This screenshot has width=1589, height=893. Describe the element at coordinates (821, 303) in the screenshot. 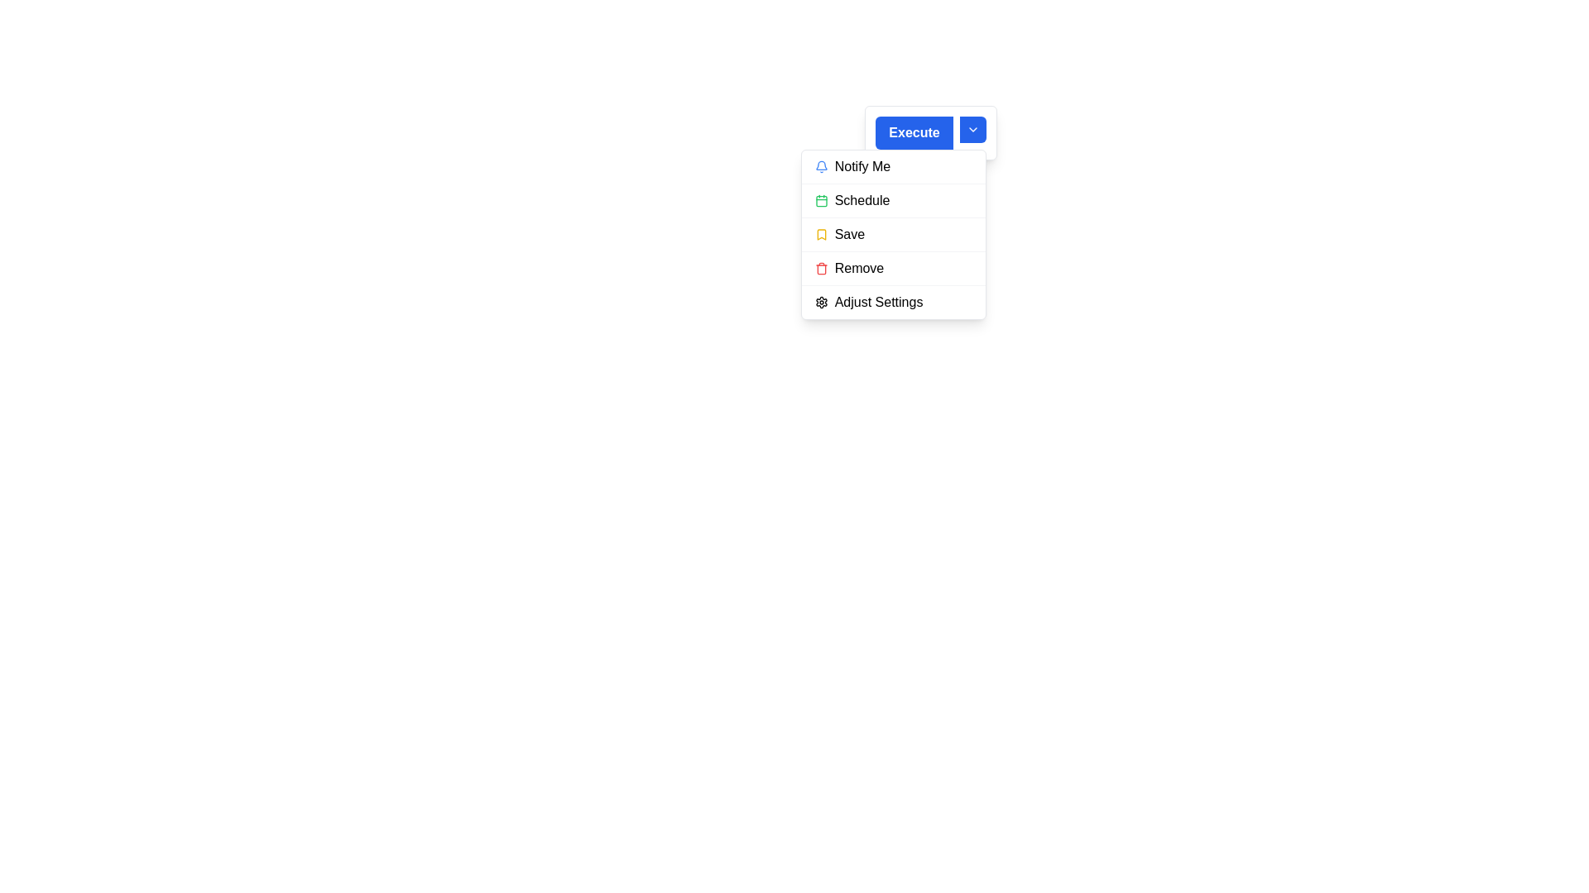

I see `the settings icon located in the last row of the vertical menu list, to the left of the text 'Adjust Settings'` at that location.